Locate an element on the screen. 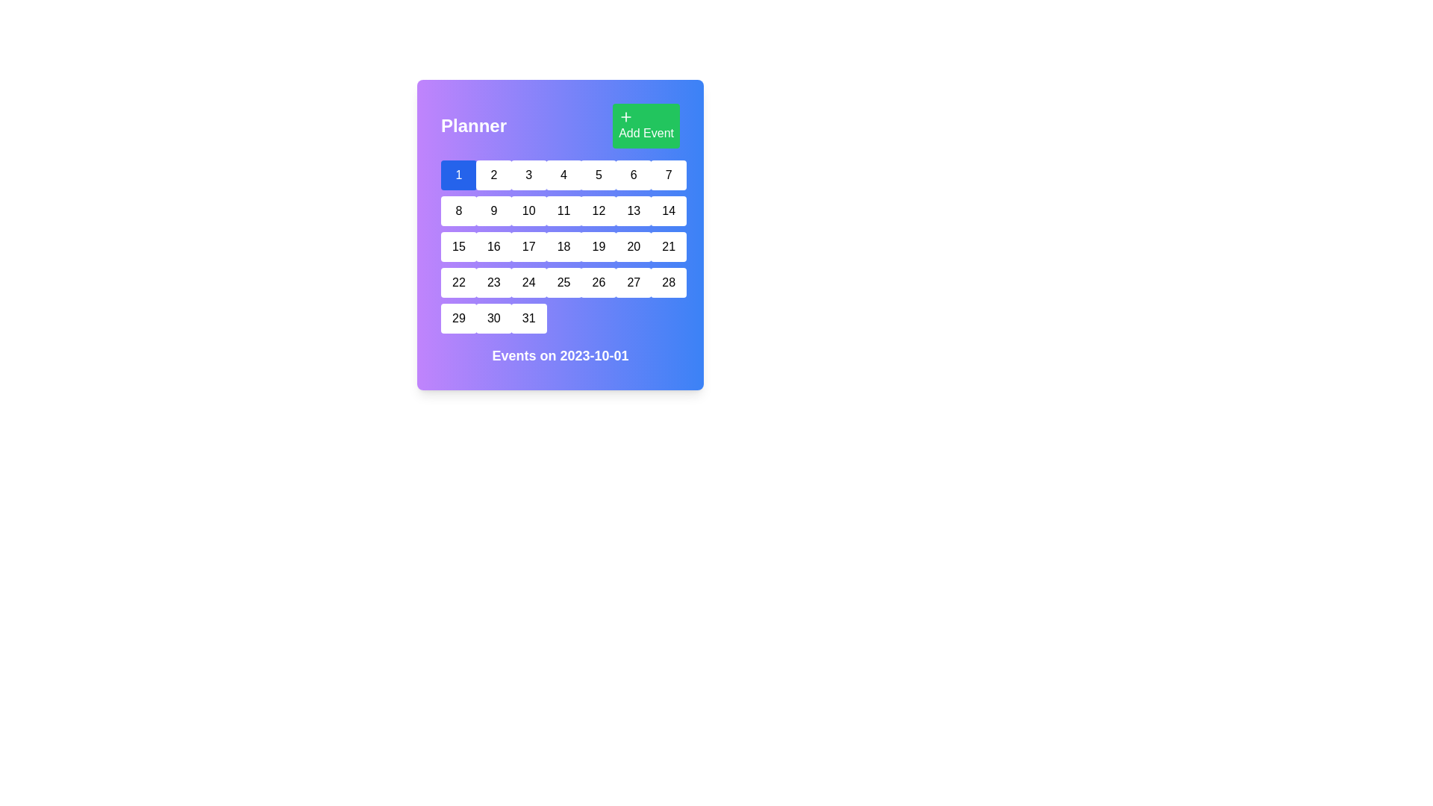  'Planner' text label located at the top-left section of the interface, which is displayed in a bold, large-sized font is located at coordinates (472, 125).